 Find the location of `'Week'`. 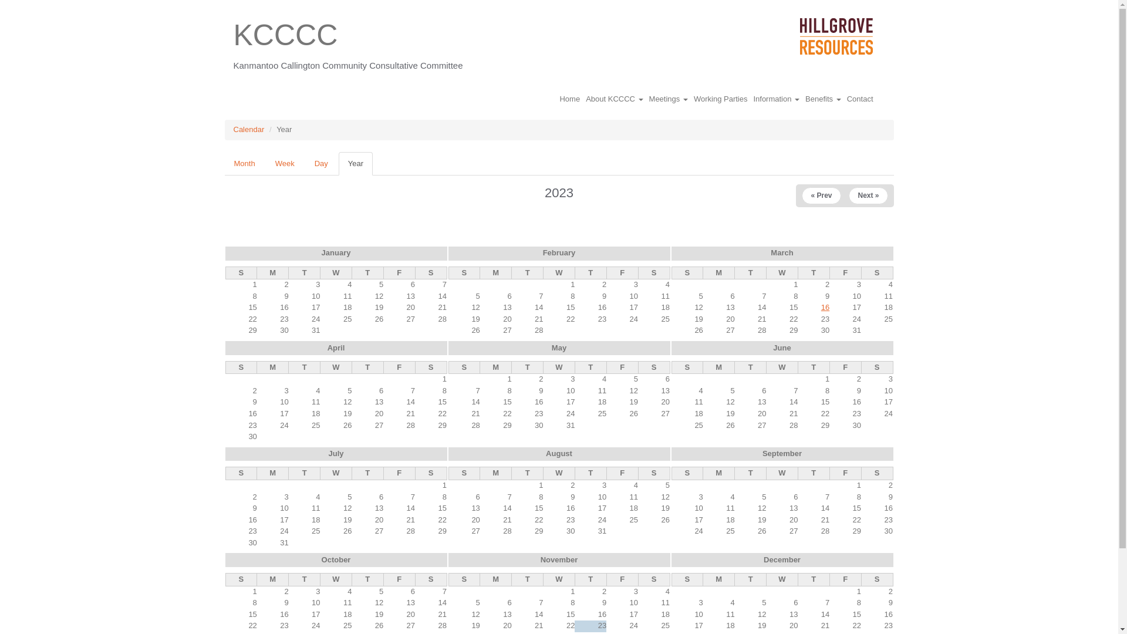

'Week' is located at coordinates (285, 164).